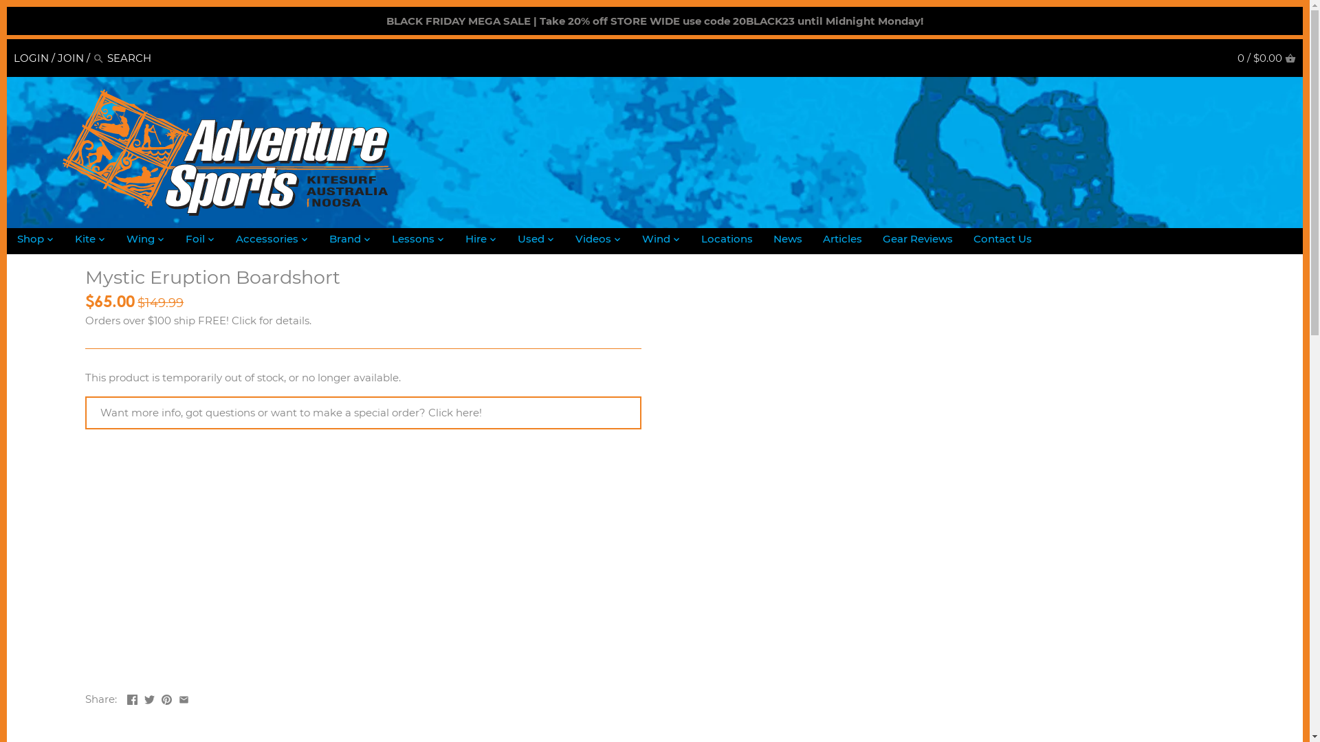 The image size is (1320, 742). Describe the element at coordinates (476, 240) in the screenshot. I see `'Hire'` at that location.